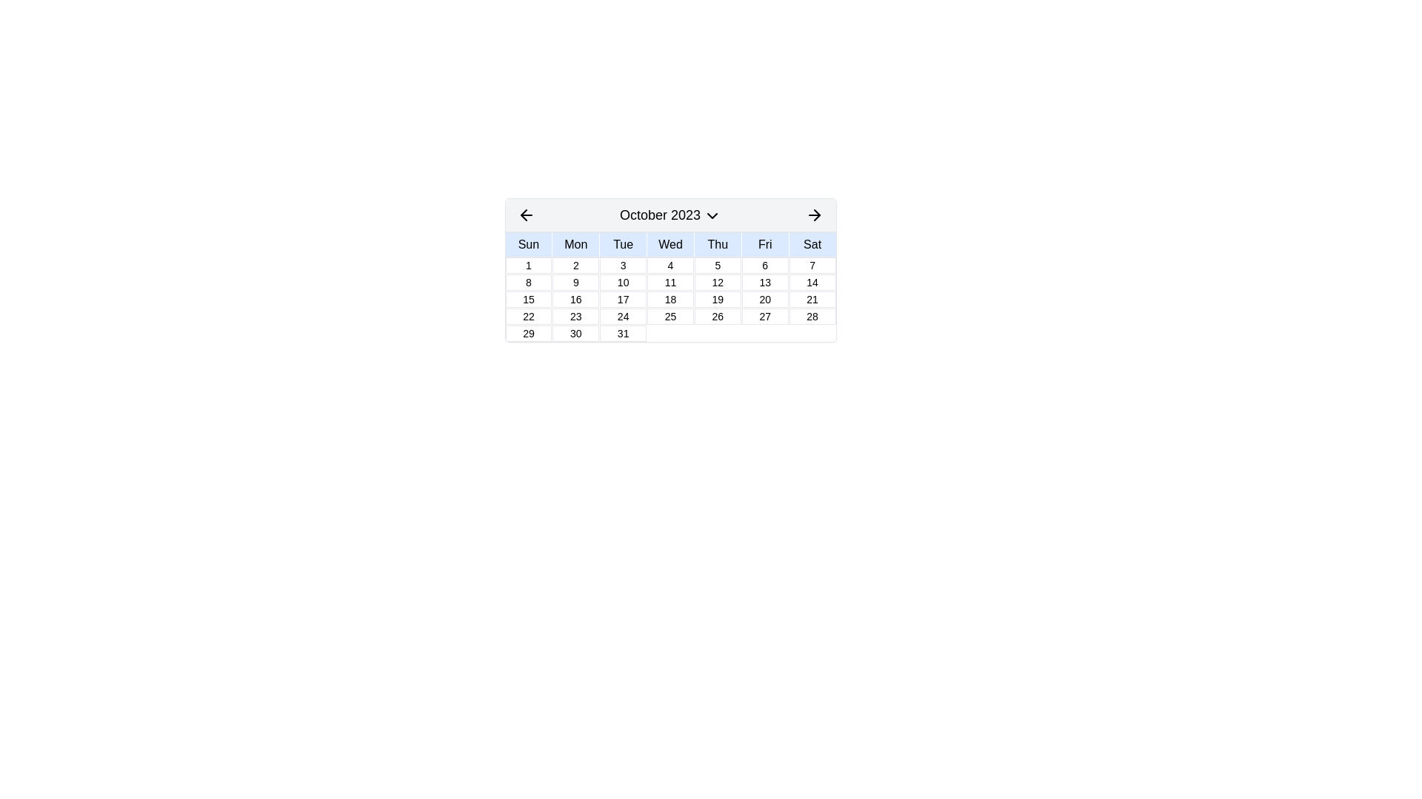  I want to click on the Calendar Date Display representing the 25th day of October 2023, which is visually indicated in the fourth row and fifth column of the calendar grid, so click(670, 316).